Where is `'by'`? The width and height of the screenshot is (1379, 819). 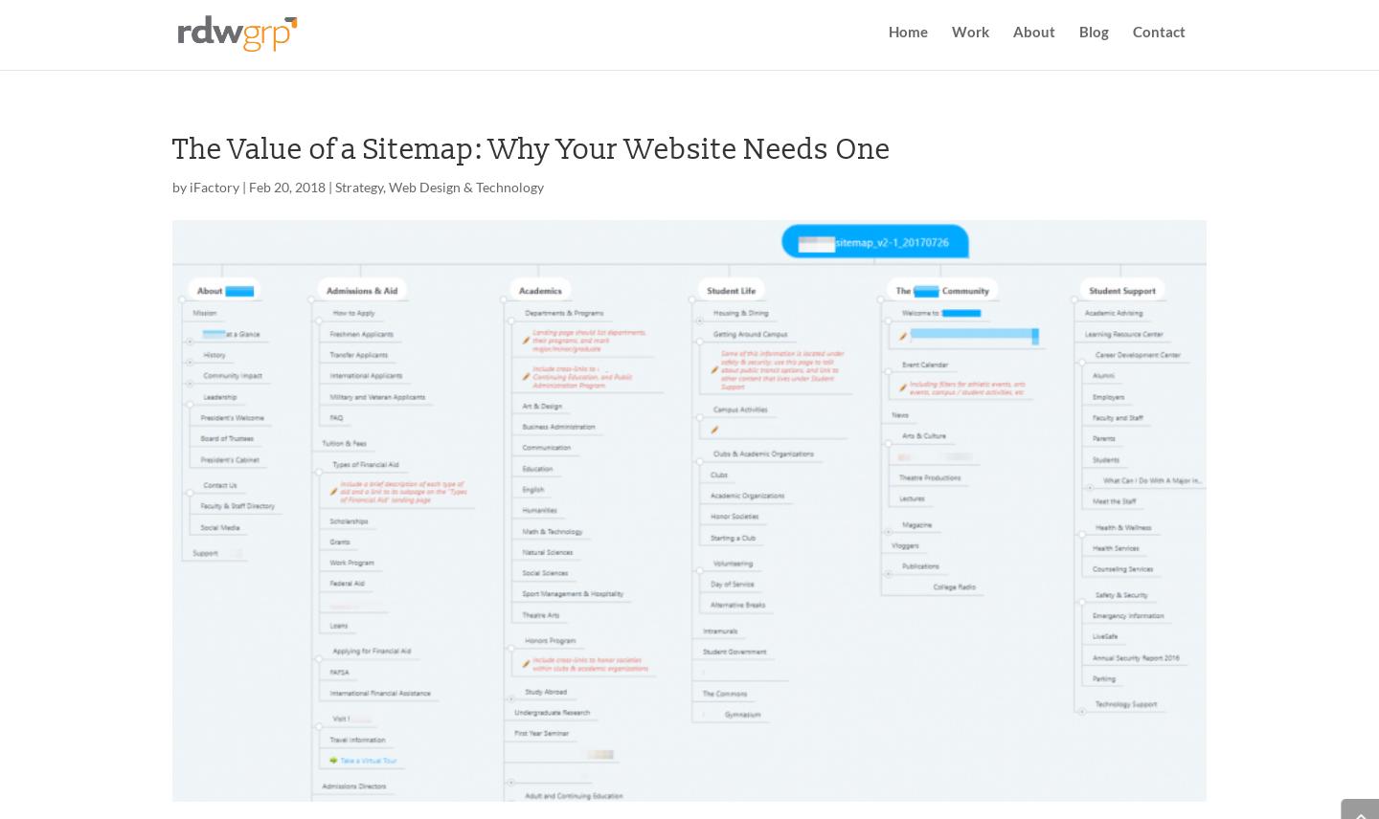 'by' is located at coordinates (181, 186).